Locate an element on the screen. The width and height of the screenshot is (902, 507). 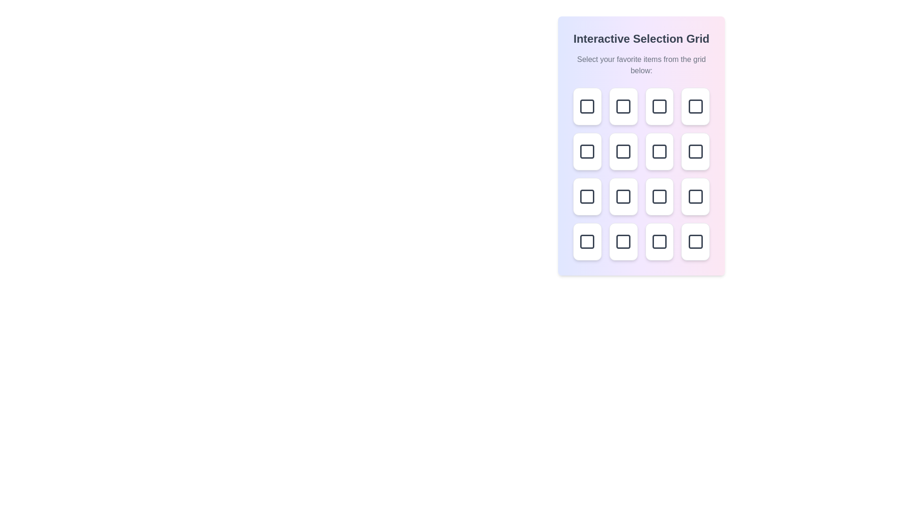
the small square with rounded corners in the fourth column of the first row of the grid is located at coordinates (695, 106).